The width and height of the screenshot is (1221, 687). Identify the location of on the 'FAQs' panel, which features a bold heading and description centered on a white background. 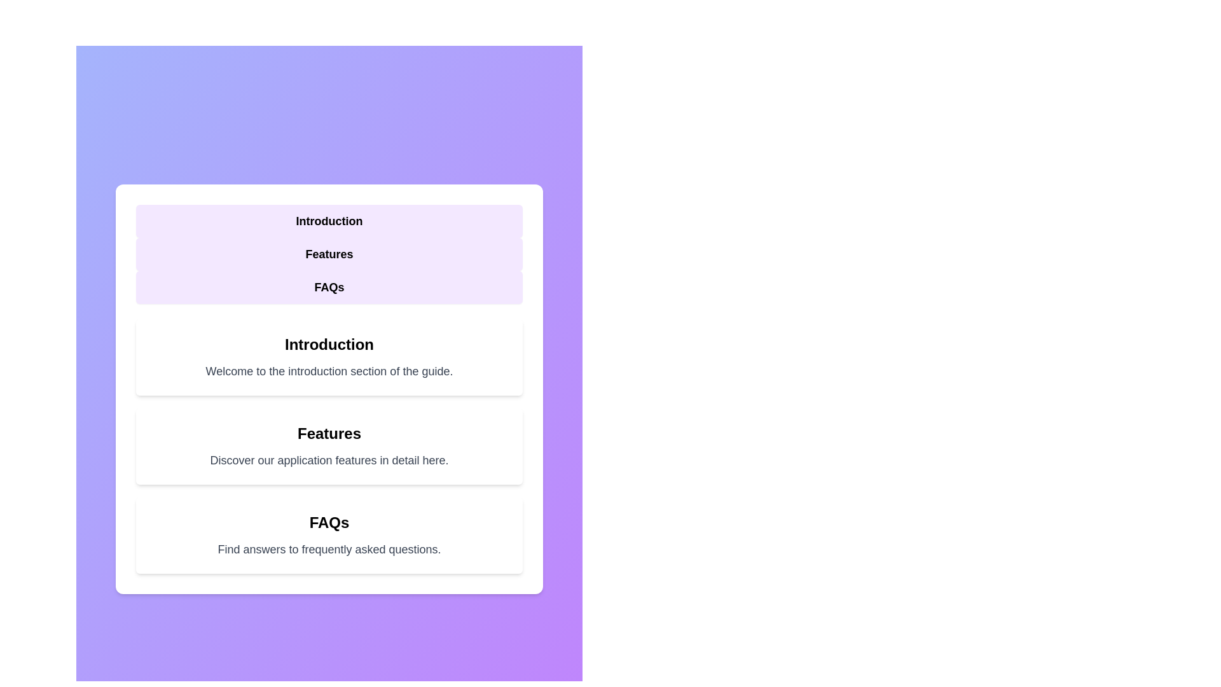
(329, 535).